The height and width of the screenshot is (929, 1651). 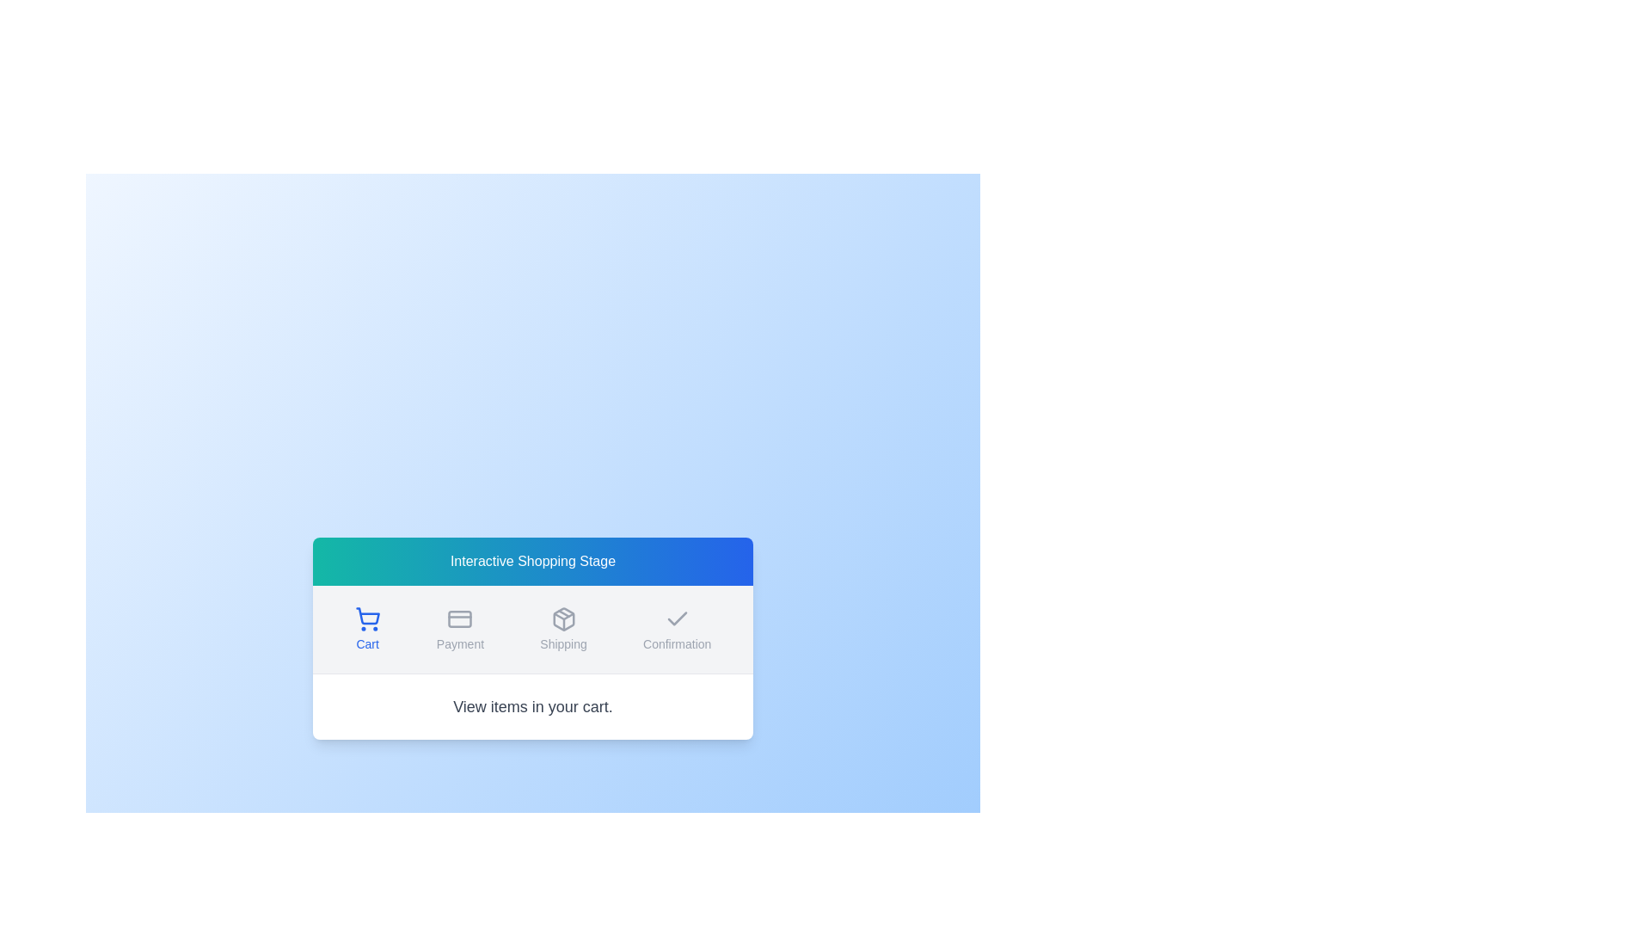 I want to click on the text label that identifies the cart icon located below the blue shopping cart icon in the leftmost position of the horizontal row, so click(x=366, y=643).